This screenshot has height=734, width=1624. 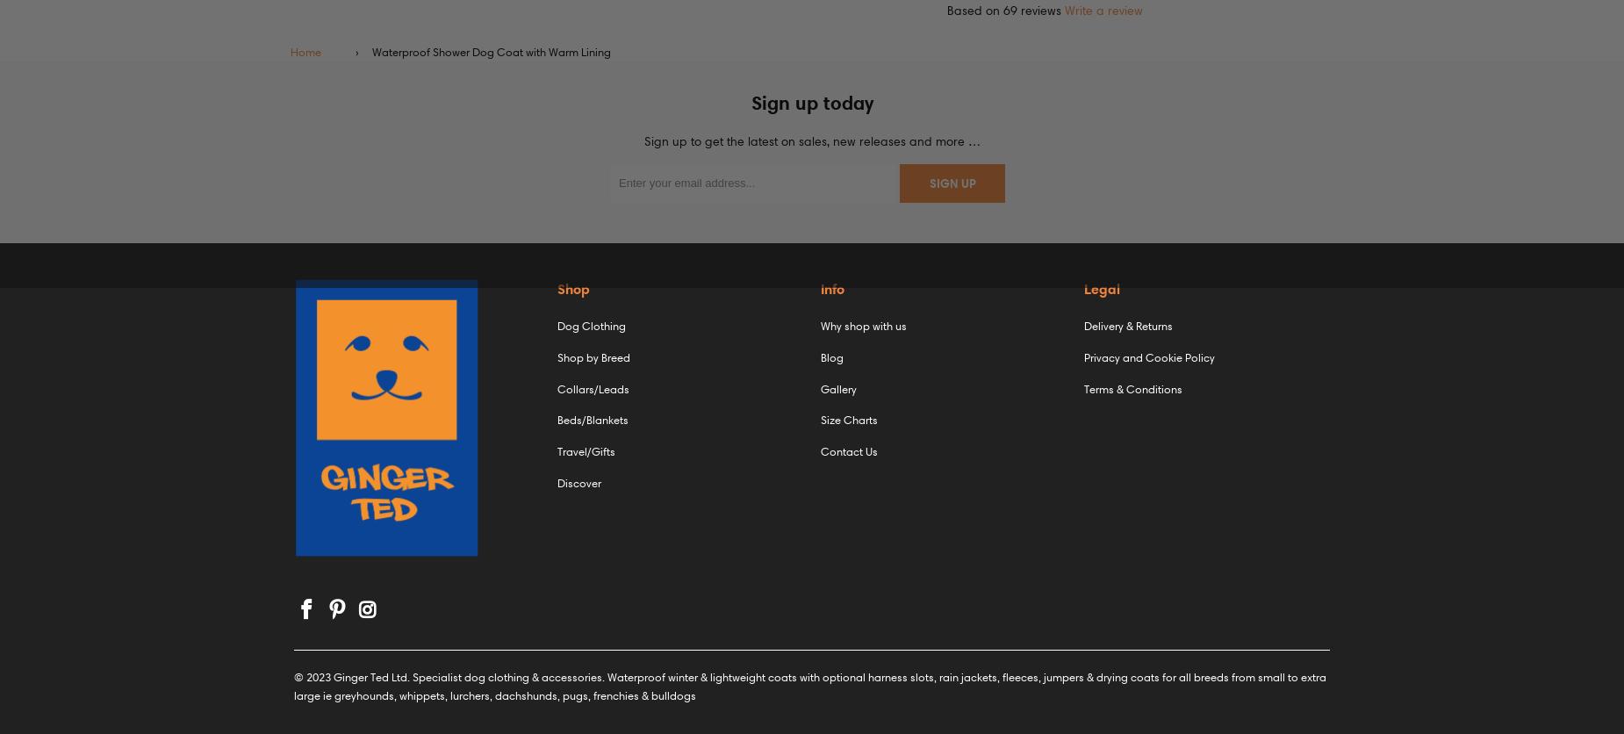 I want to click on 'Based on 69 reviews', so click(x=1003, y=11).